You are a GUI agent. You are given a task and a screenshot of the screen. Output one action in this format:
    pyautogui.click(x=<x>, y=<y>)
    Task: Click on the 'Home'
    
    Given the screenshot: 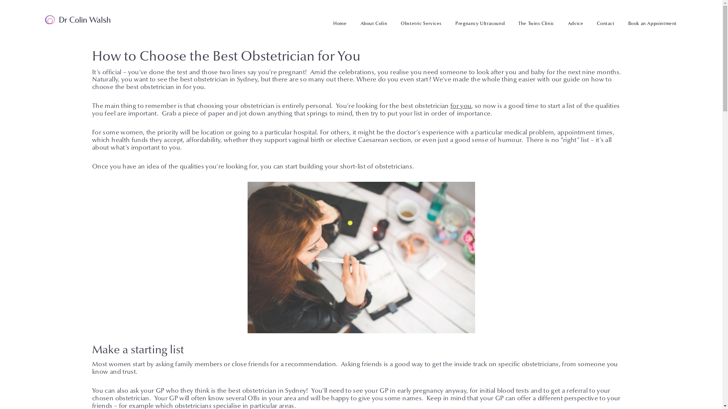 What is the action you would take?
    pyautogui.click(x=339, y=23)
    